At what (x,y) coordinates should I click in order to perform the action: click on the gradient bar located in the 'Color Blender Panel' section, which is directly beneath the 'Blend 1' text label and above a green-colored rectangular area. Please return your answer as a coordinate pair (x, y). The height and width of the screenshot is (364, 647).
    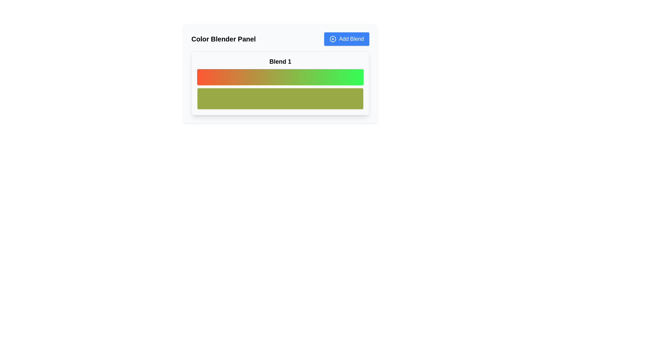
    Looking at the image, I should click on (280, 83).